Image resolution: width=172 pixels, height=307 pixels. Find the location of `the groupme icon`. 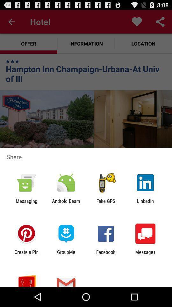

the groupme icon is located at coordinates (66, 255).